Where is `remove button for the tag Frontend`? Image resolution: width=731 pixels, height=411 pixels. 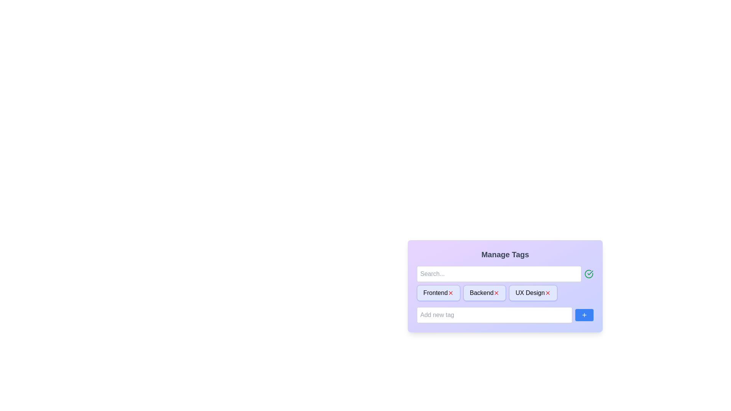
remove button for the tag Frontend is located at coordinates (451, 293).